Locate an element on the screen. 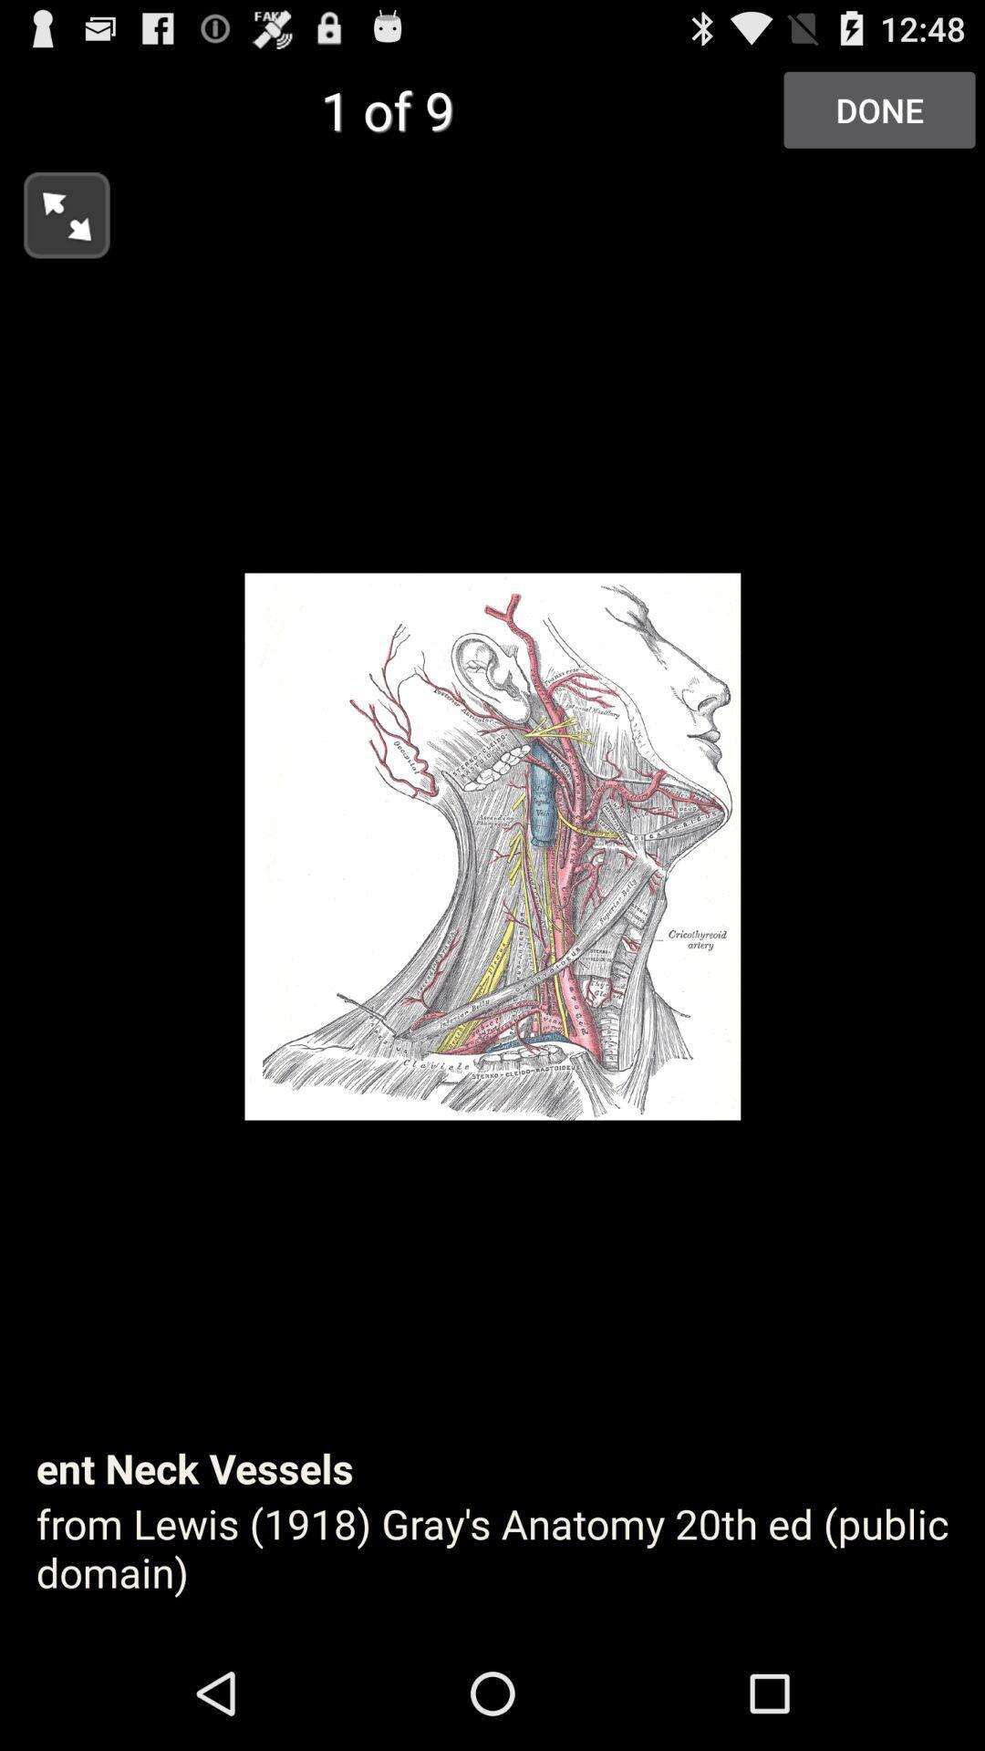 The height and width of the screenshot is (1751, 985). item next to the done icon is located at coordinates (54, 210).